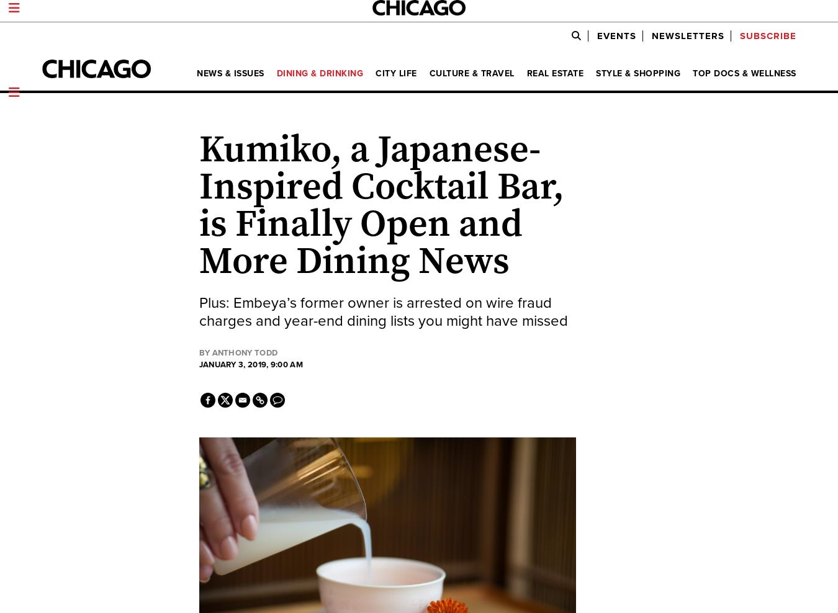 Image resolution: width=838 pixels, height=613 pixels. I want to click on 'Events', so click(615, 35).